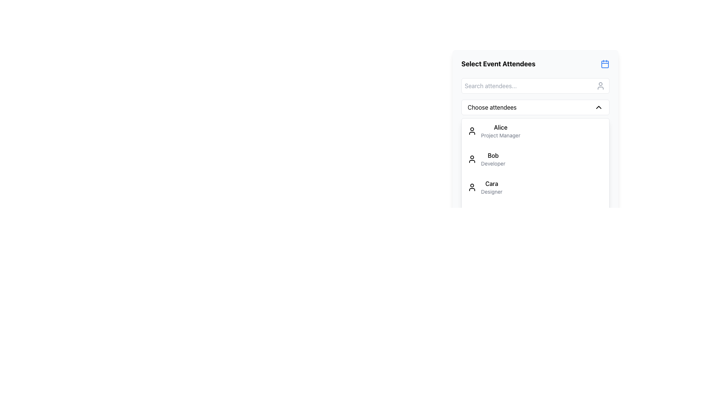 This screenshot has height=400, width=711. I want to click on on the selectable list item labeled 'Cara - Designer' within the 'Select Event Attendees' panel, so click(535, 187).